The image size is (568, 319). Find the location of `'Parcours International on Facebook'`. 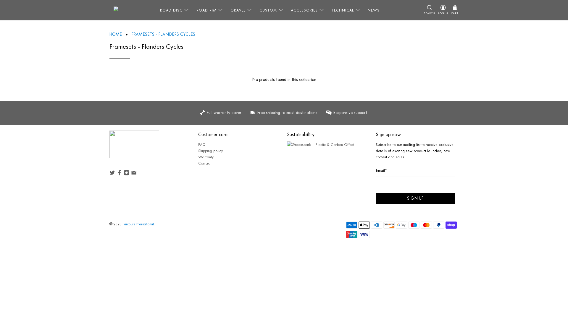

'Parcours International on Facebook' is located at coordinates (119, 174).